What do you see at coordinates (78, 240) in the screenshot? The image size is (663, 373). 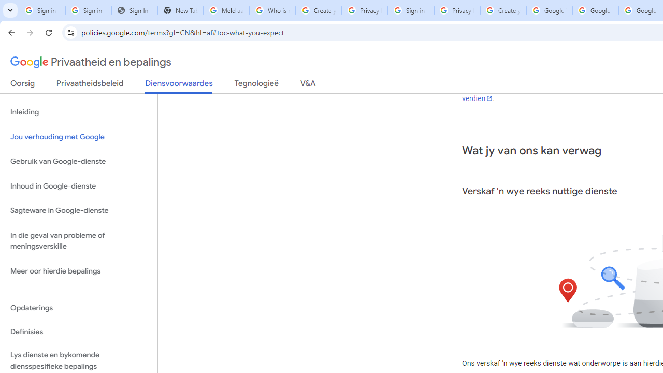 I see `'In die geval van probleme of meningsverskille'` at bounding box center [78, 240].